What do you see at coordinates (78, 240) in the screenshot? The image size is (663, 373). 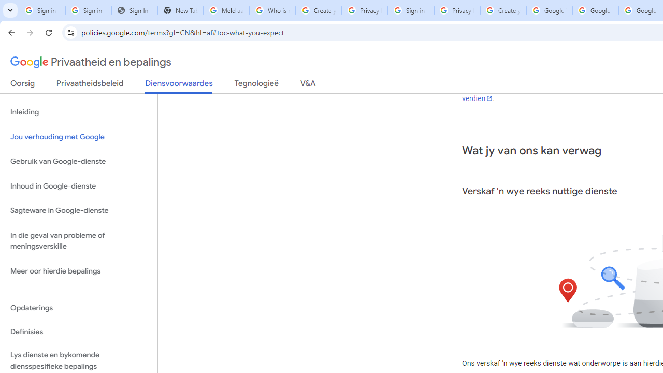 I see `'In die geval van probleme of meningsverskille'` at bounding box center [78, 240].